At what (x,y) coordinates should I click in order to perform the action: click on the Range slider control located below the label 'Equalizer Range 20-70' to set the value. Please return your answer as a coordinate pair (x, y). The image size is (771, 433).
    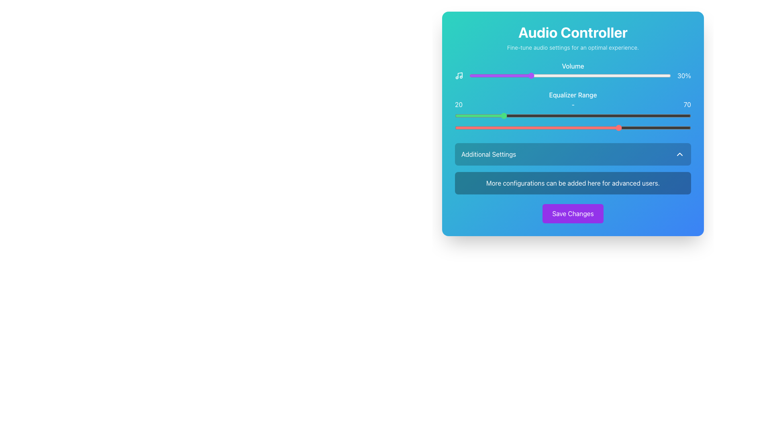
    Looking at the image, I should click on (572, 116).